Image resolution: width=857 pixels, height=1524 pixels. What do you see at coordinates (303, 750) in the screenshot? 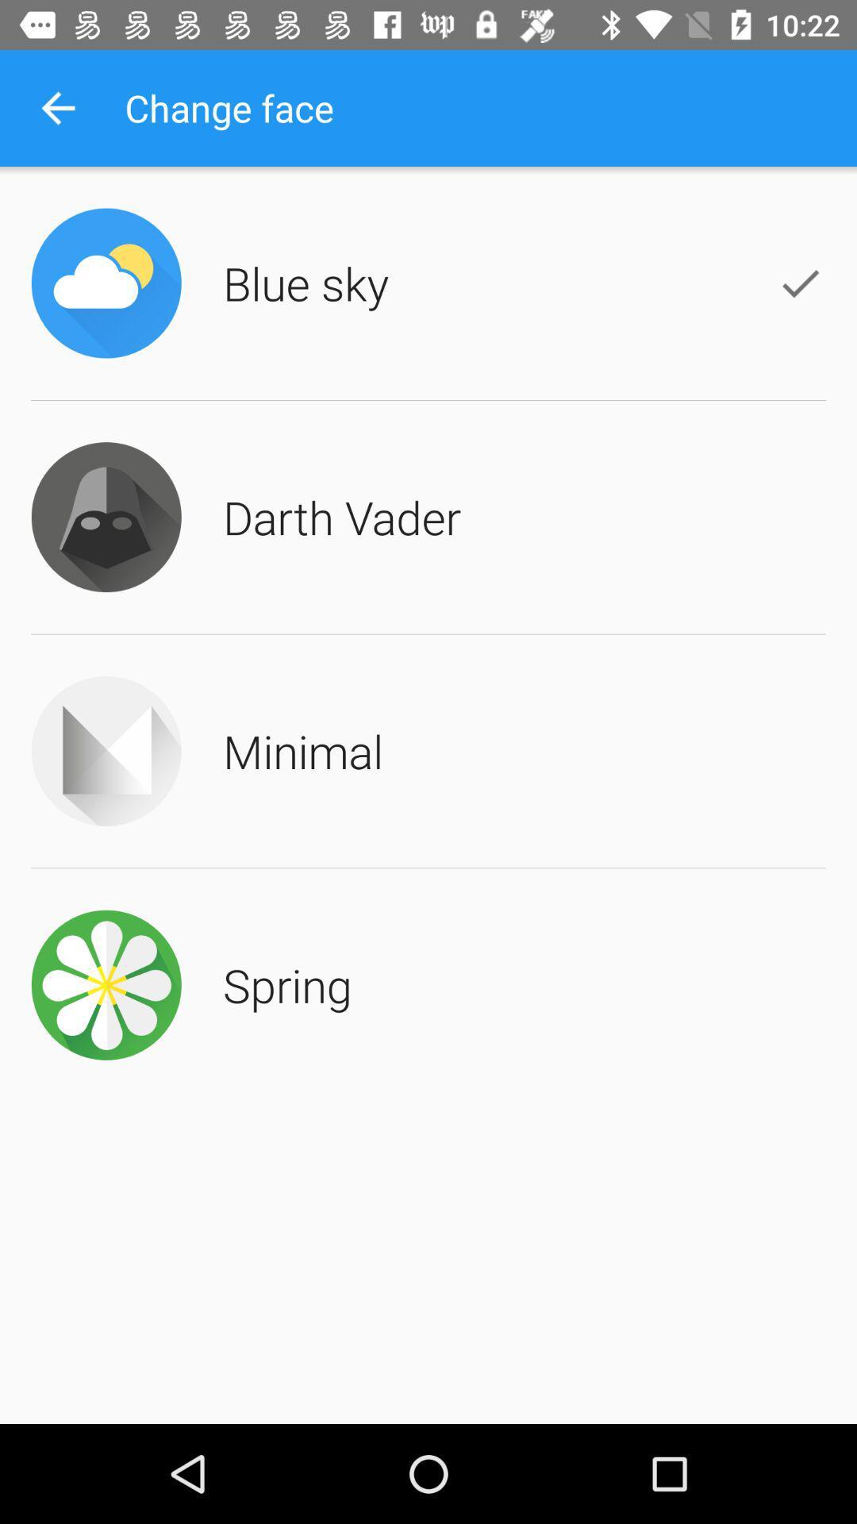
I see `minimal item` at bounding box center [303, 750].